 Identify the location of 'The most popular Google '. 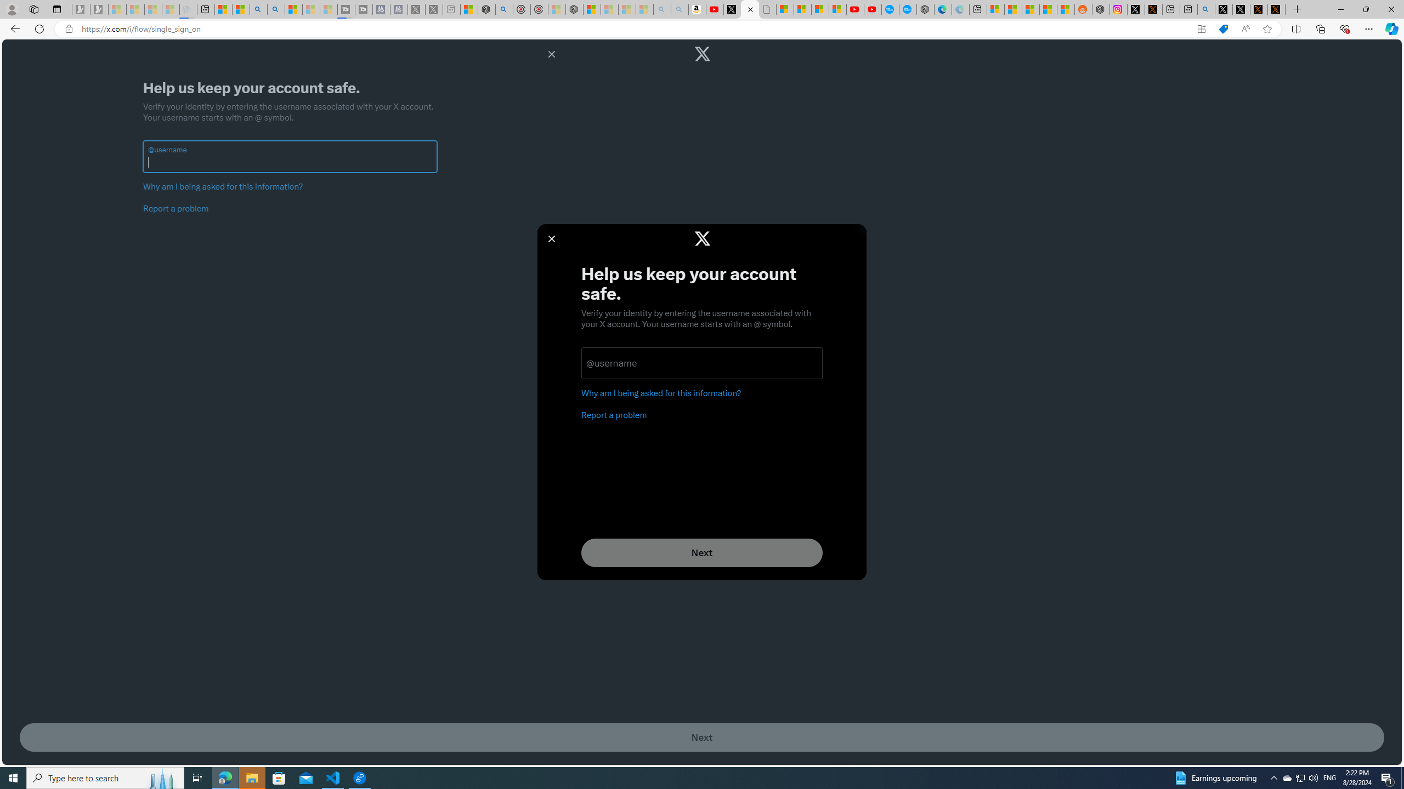
(908, 9).